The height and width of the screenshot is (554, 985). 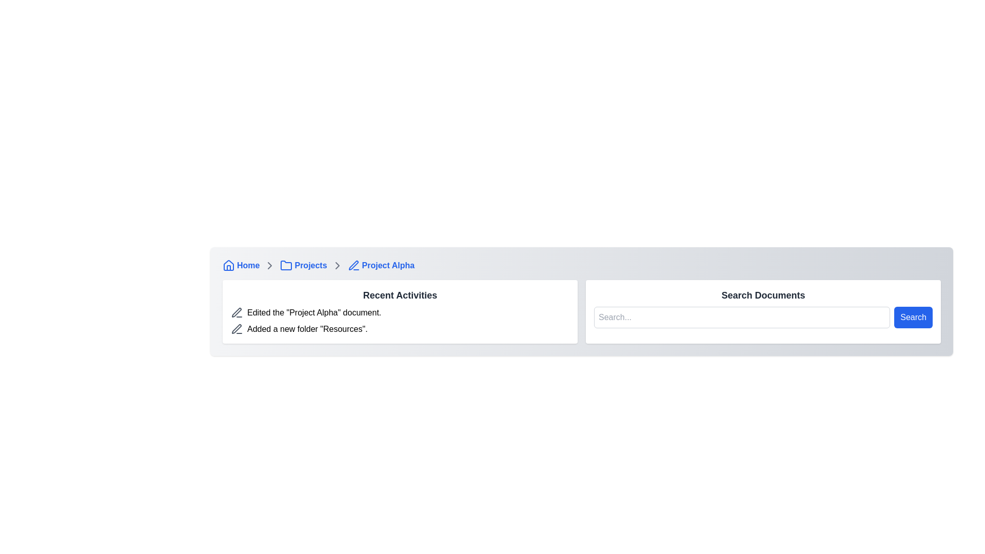 What do you see at coordinates (270, 265) in the screenshot?
I see `the breadcrumb separator icon located between the 'Projects' label and the 'Project Alpha' label` at bounding box center [270, 265].